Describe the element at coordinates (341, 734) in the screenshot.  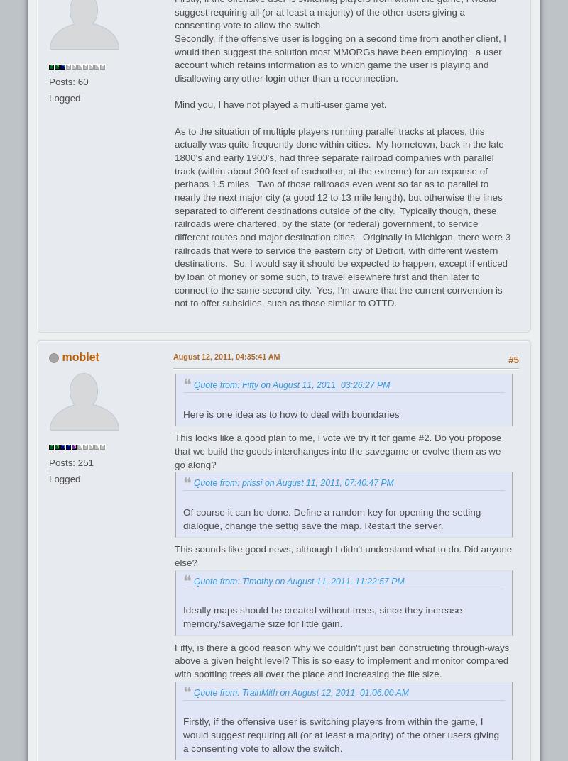
I see `'Firstly, if the offensive user is switching players from within the game, I would suggest requiring all (or at least a majority) of the other users giving a consenting vote to allow the switch.'` at that location.